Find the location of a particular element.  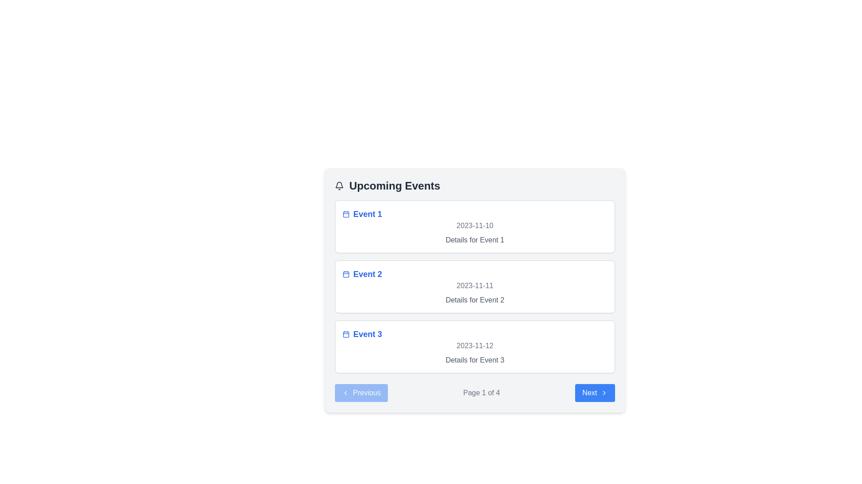

the right-facing chevron icon inside the blue 'Next' button located at the bottom-right corner of the page is located at coordinates (604, 392).